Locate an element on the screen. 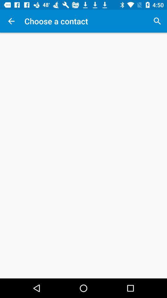 The height and width of the screenshot is (298, 167). the item at the top right corner is located at coordinates (157, 21).